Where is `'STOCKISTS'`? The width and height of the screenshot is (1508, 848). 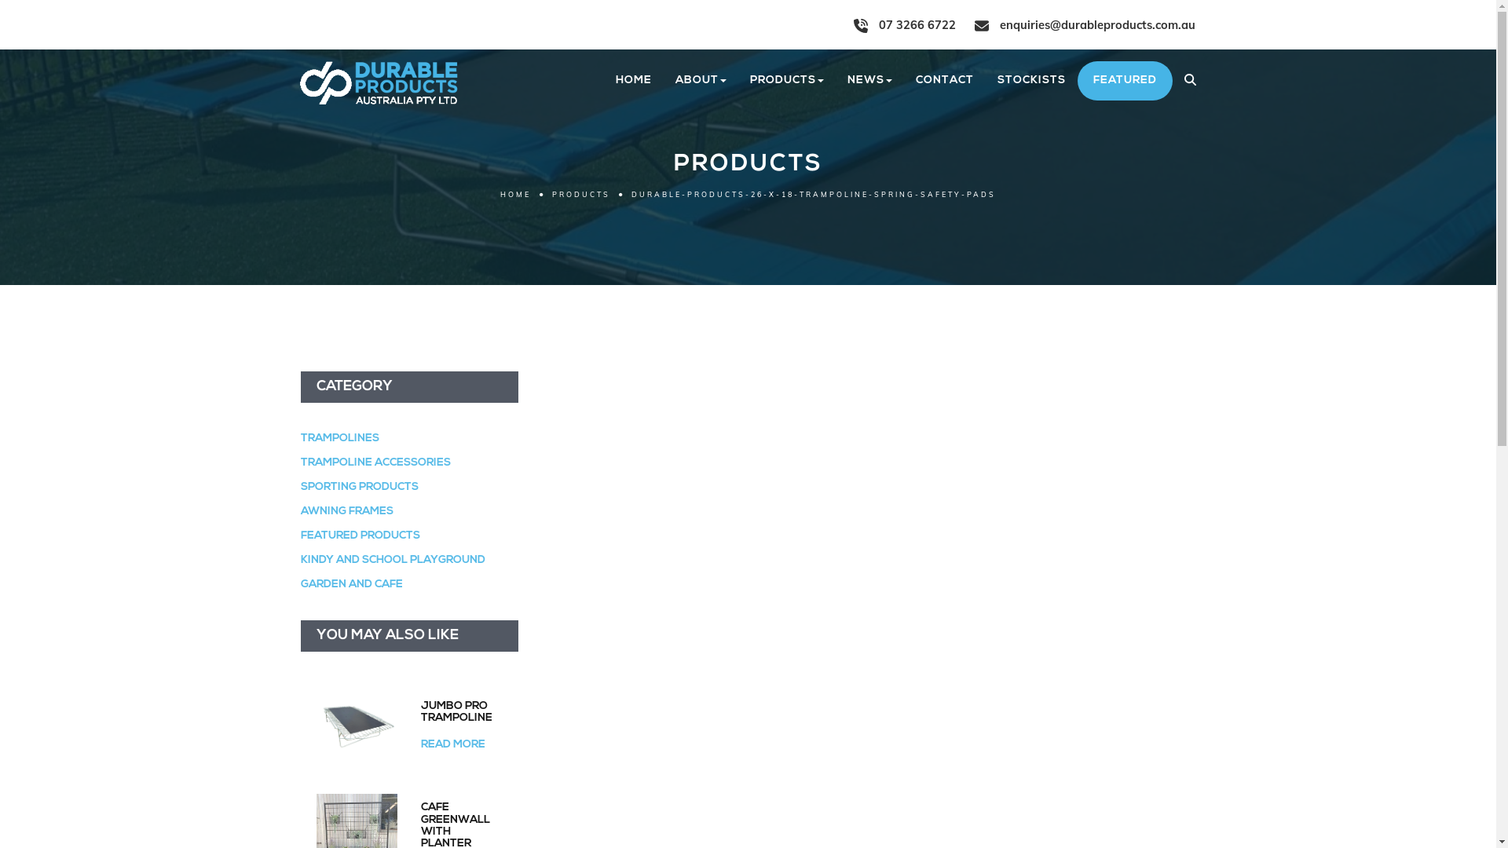
'STOCKISTS' is located at coordinates (1030, 81).